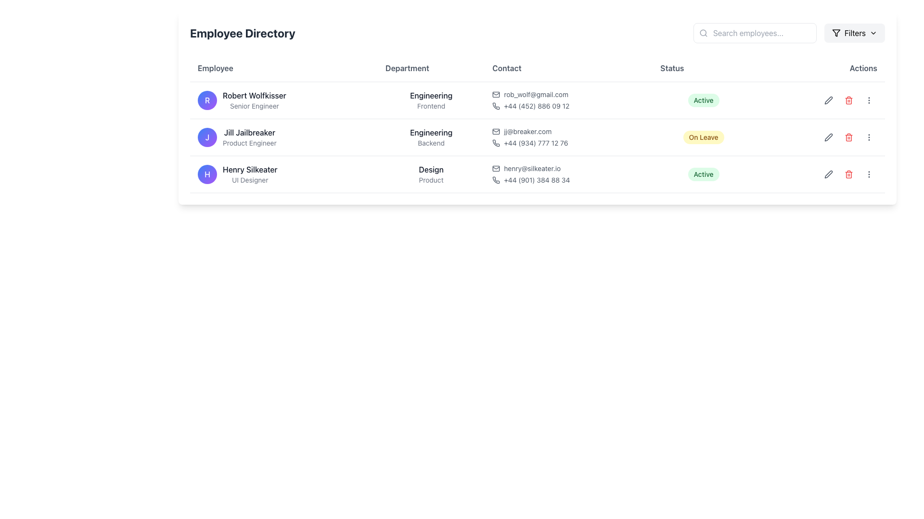 Image resolution: width=924 pixels, height=519 pixels. I want to click on the static text element indicating the 'Design' department in the employee directory table, located in the third row adjacent to 'Henry Silkeater', so click(431, 174).